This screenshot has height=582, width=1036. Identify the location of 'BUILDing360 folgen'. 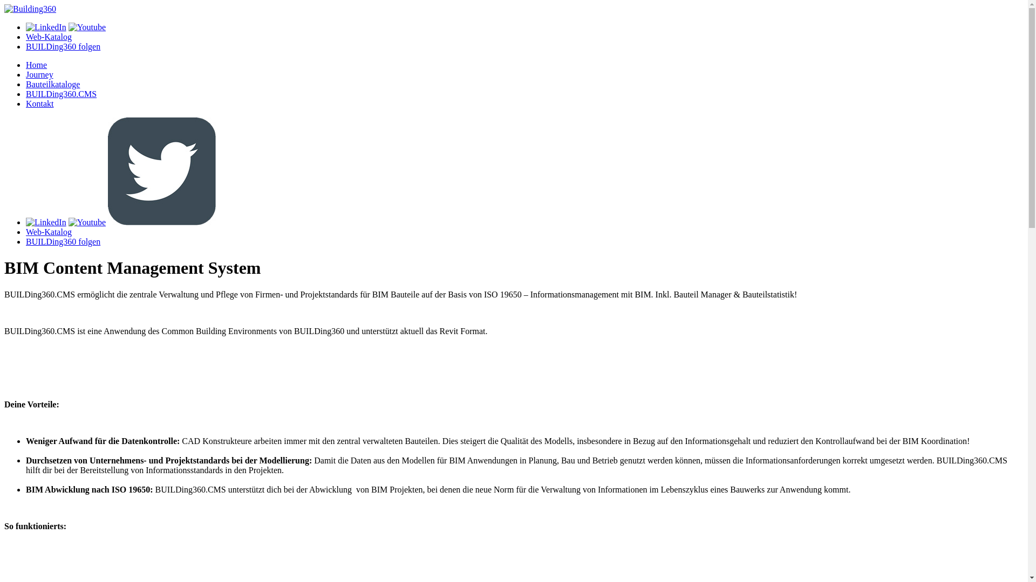
(62, 241).